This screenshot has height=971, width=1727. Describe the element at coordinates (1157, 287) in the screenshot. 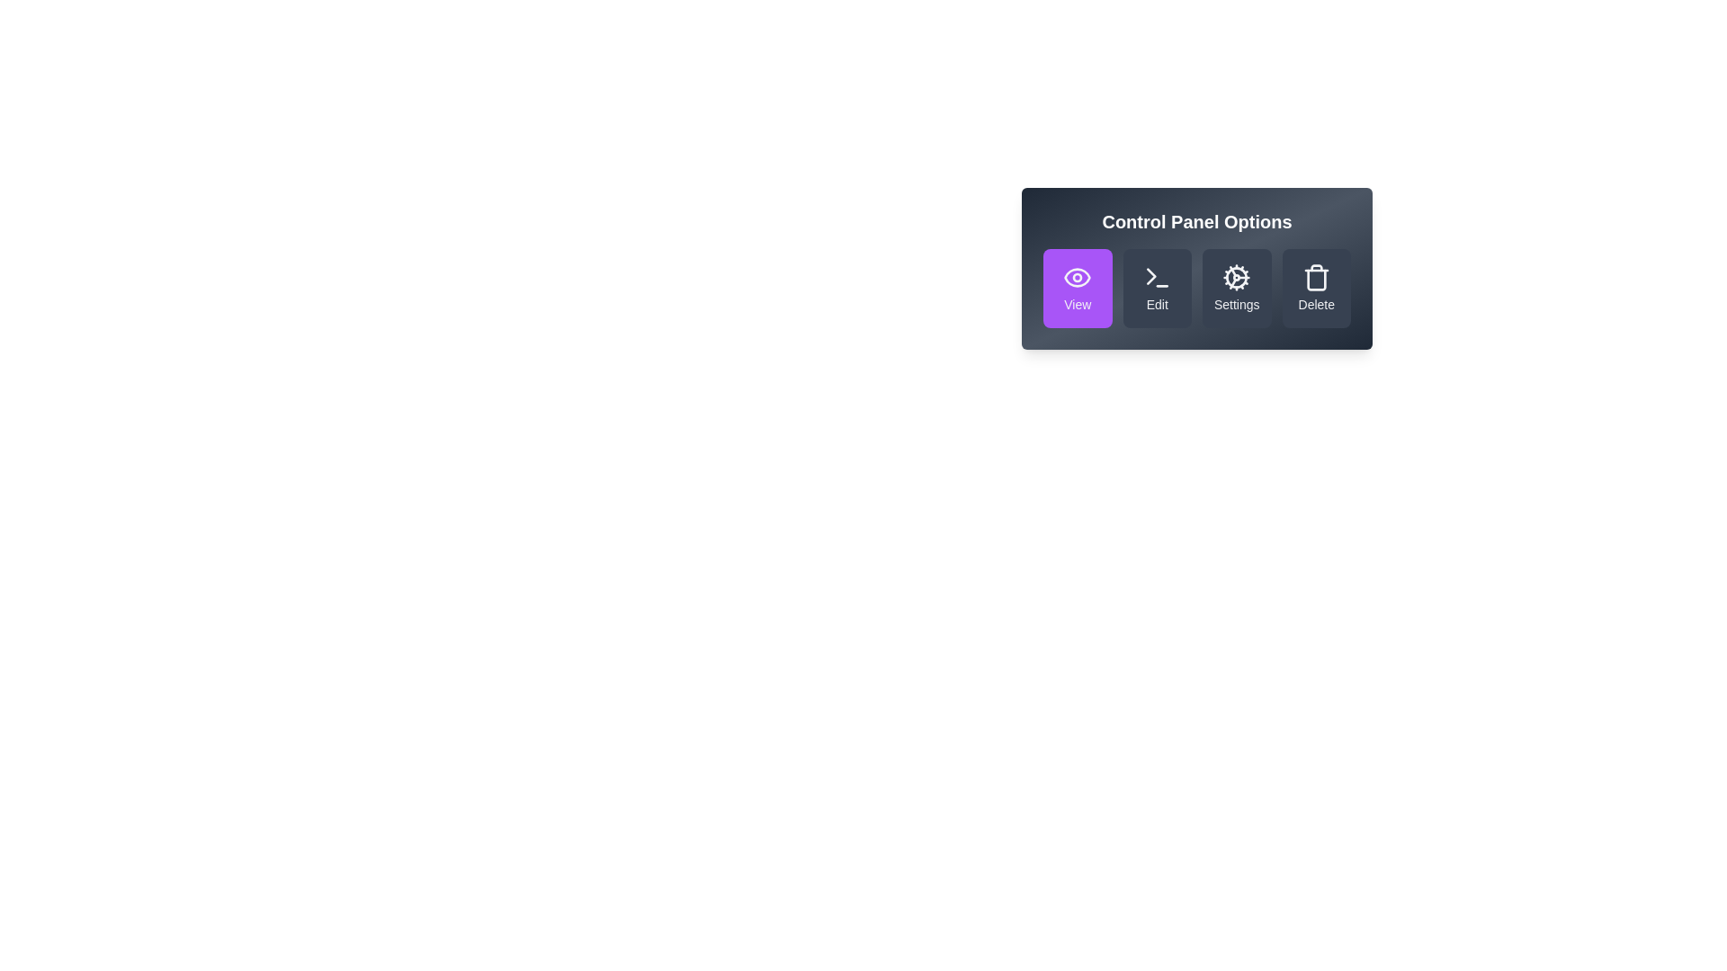

I see `the 'Edit' button` at that location.